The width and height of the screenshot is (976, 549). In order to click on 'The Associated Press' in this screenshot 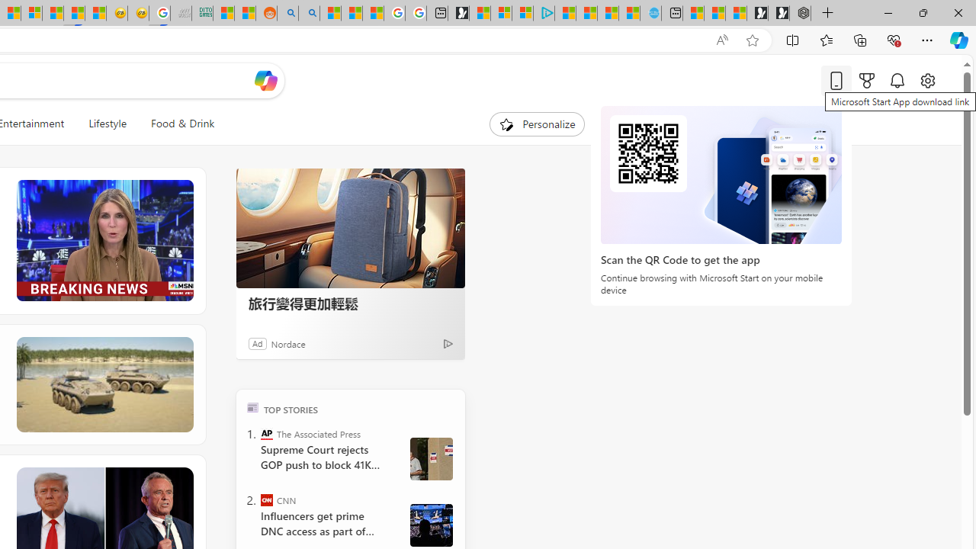, I will do `click(267, 433)`.